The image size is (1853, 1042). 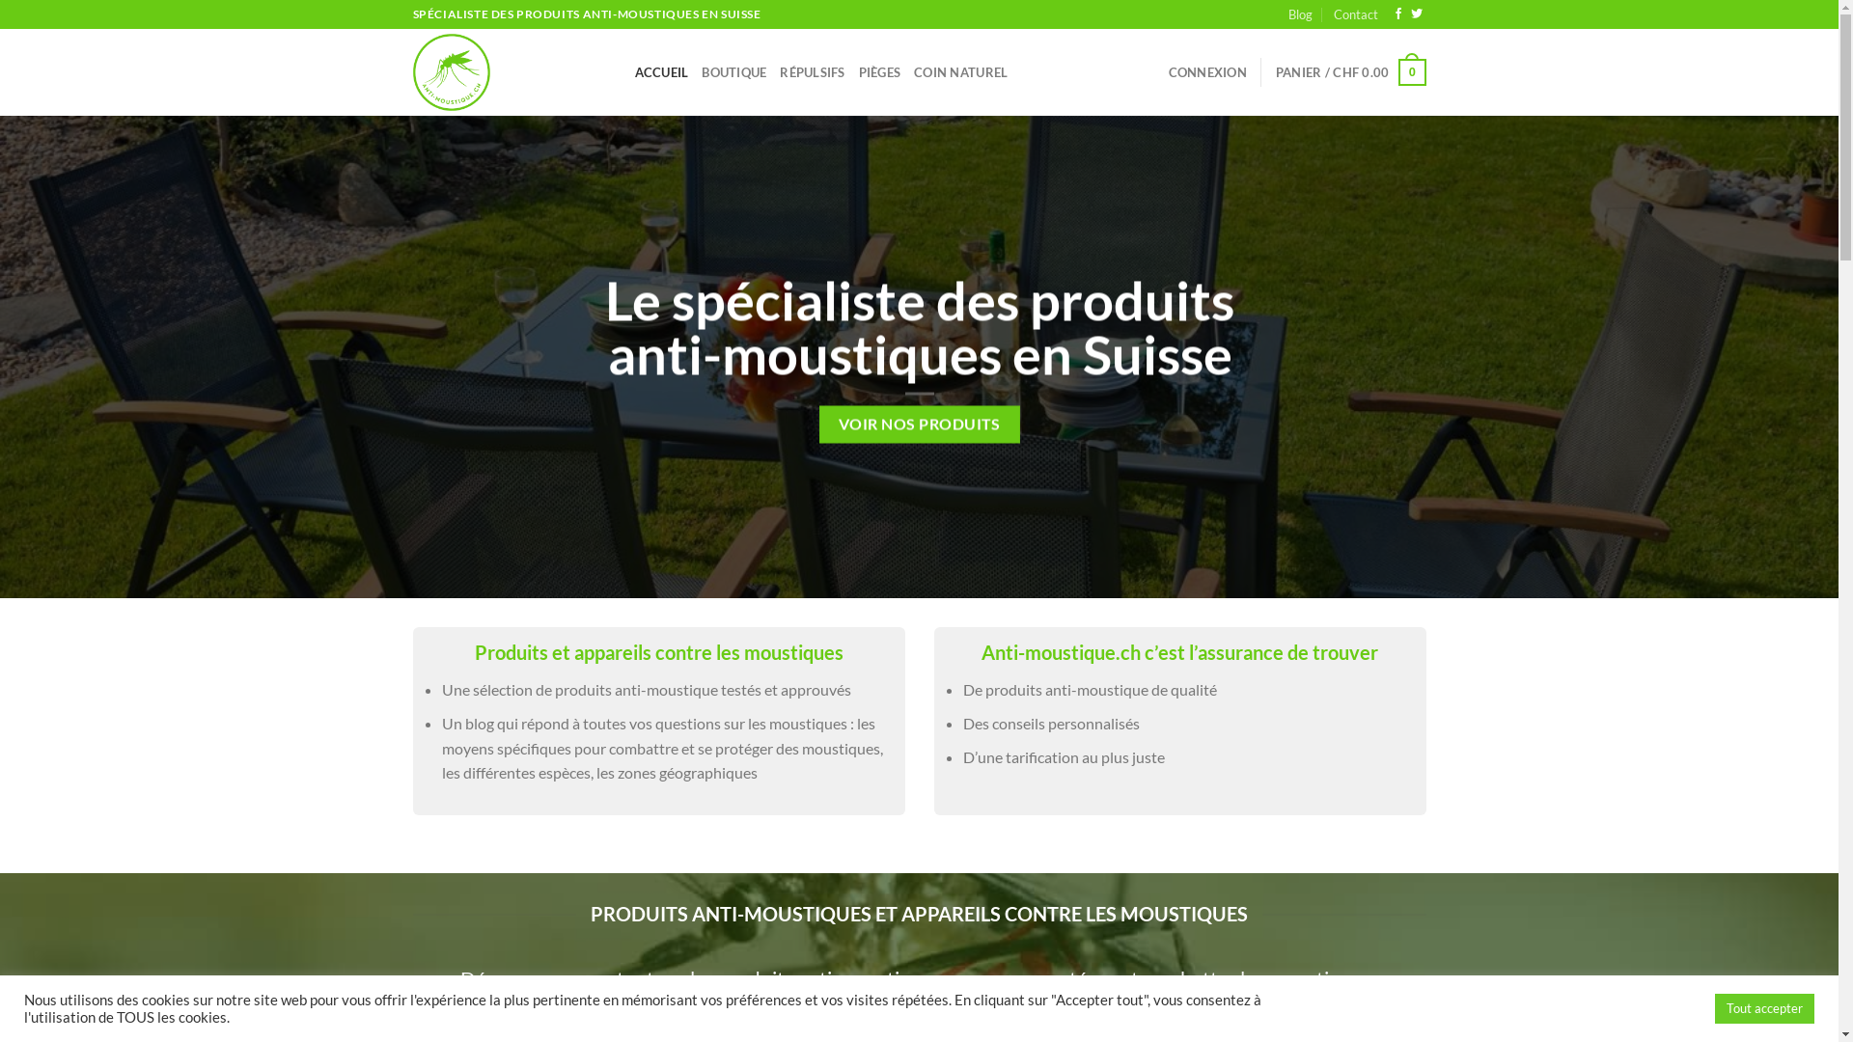 What do you see at coordinates (662, 70) in the screenshot?
I see `'ACCUEIL'` at bounding box center [662, 70].